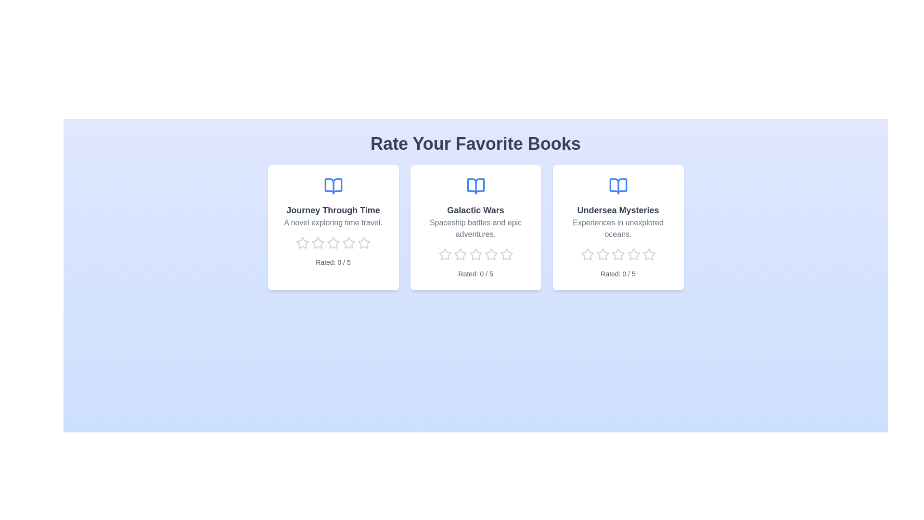  Describe the element at coordinates (333, 243) in the screenshot. I see `the rating of a book to 3 stars by clicking on the corresponding star` at that location.